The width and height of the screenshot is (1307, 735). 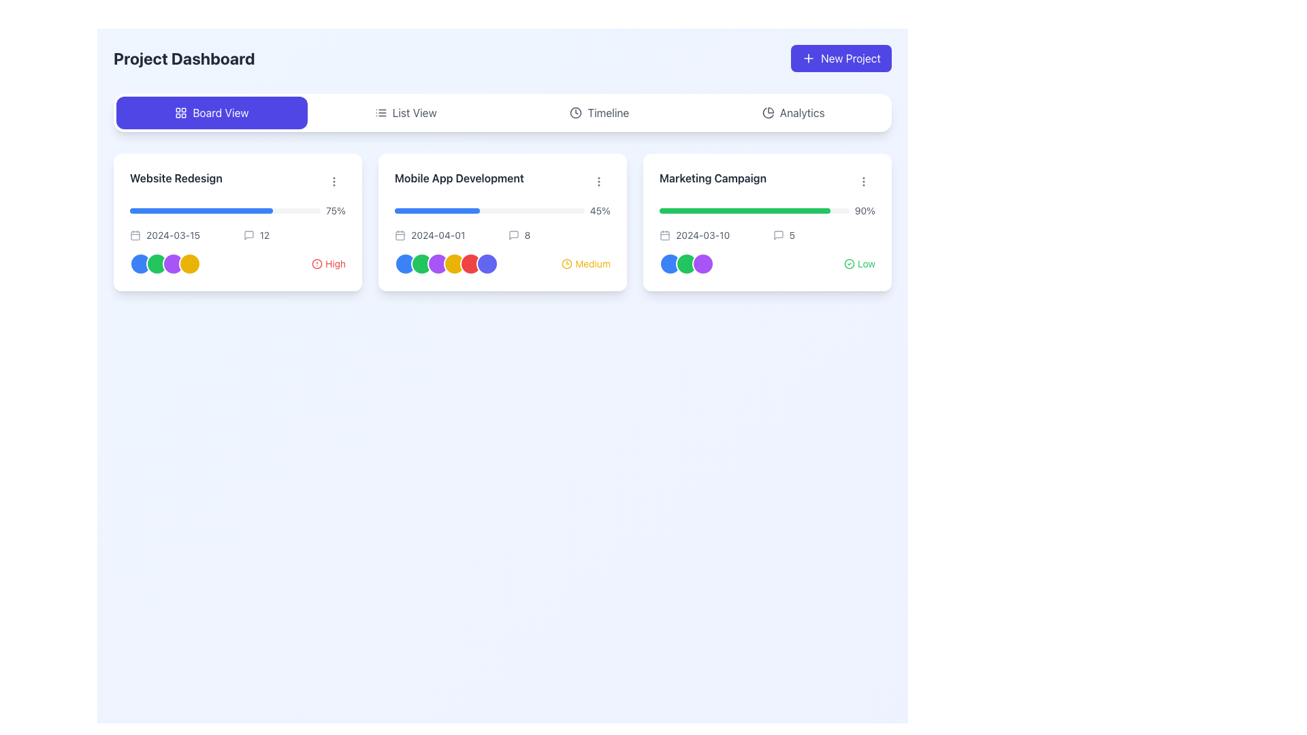 What do you see at coordinates (862, 180) in the screenshot?
I see `the button located at the top-right corner of the 'Marketing Campaign' card` at bounding box center [862, 180].